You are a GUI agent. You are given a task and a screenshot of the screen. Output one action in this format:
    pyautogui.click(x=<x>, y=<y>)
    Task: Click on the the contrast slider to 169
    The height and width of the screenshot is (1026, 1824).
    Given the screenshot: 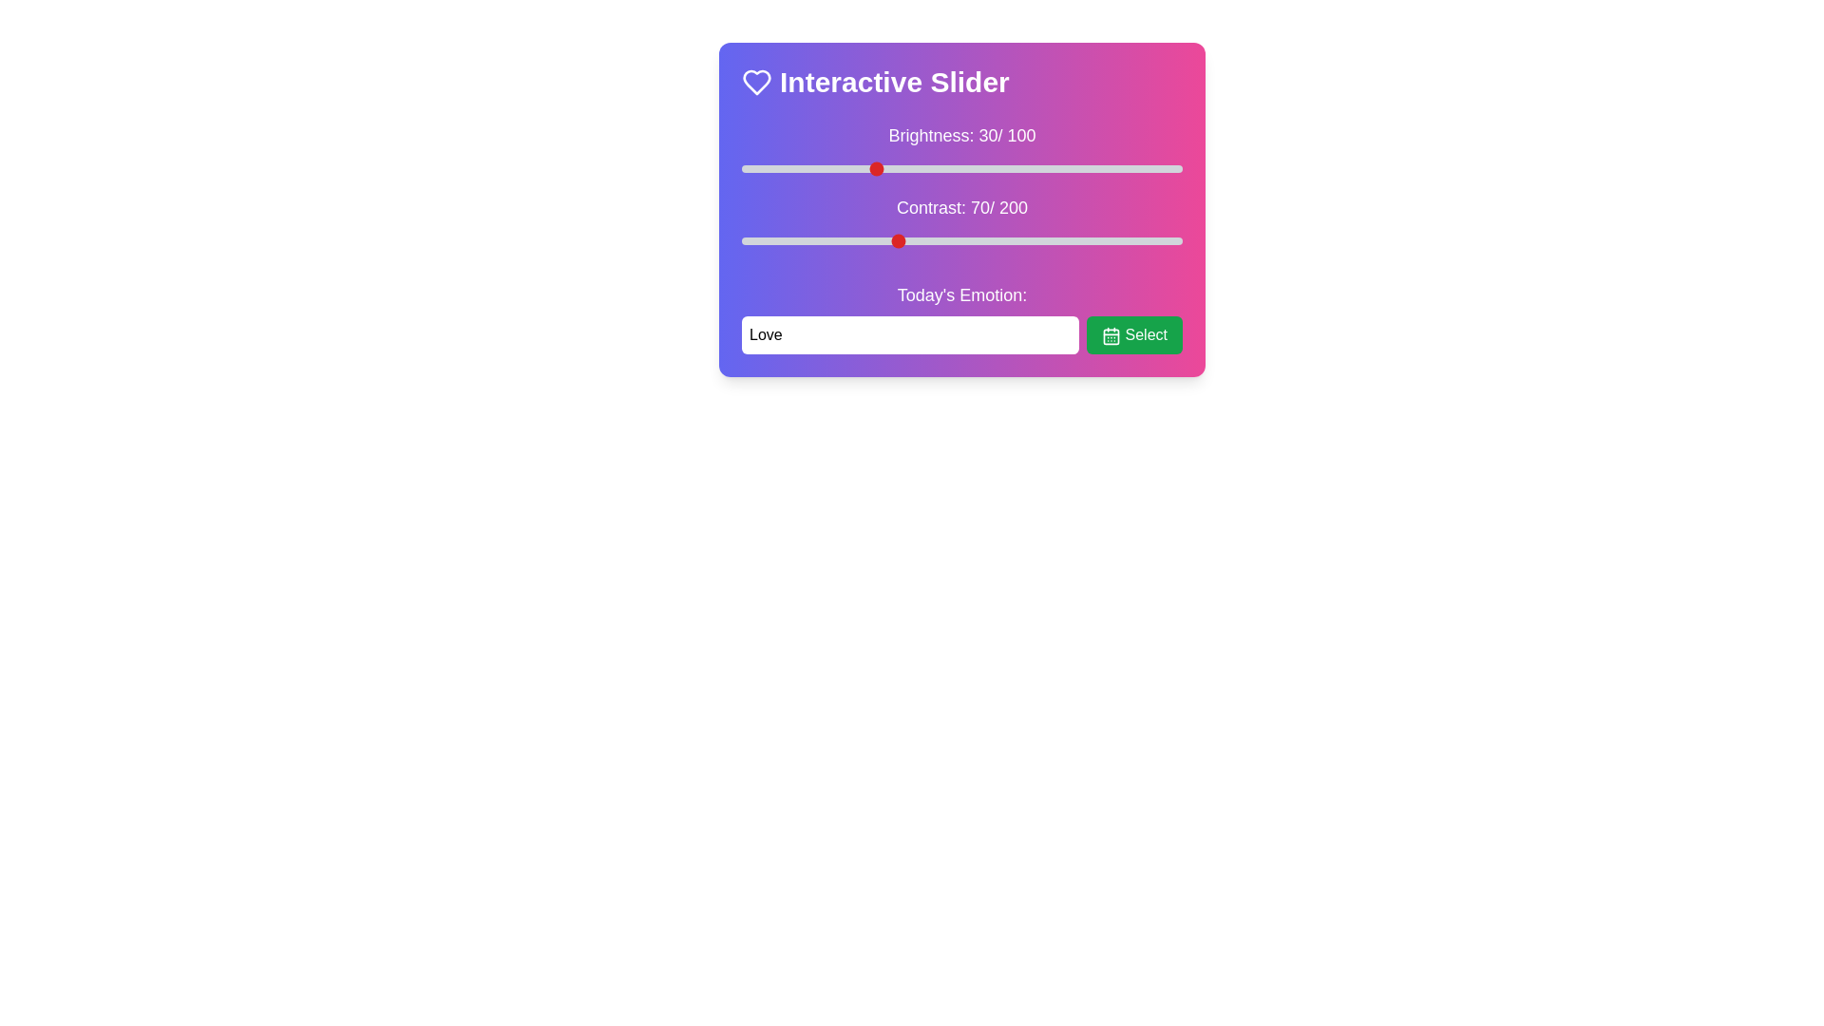 What is the action you would take?
    pyautogui.click(x=1114, y=240)
    